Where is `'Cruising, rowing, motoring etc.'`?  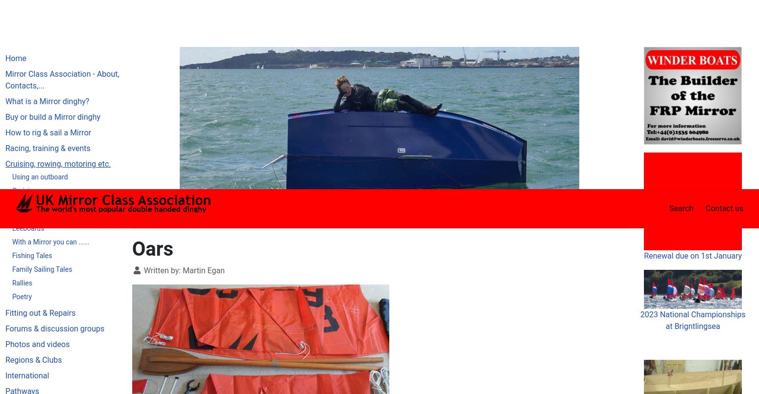
'Cruising, rowing, motoring etc.' is located at coordinates (234, 30).